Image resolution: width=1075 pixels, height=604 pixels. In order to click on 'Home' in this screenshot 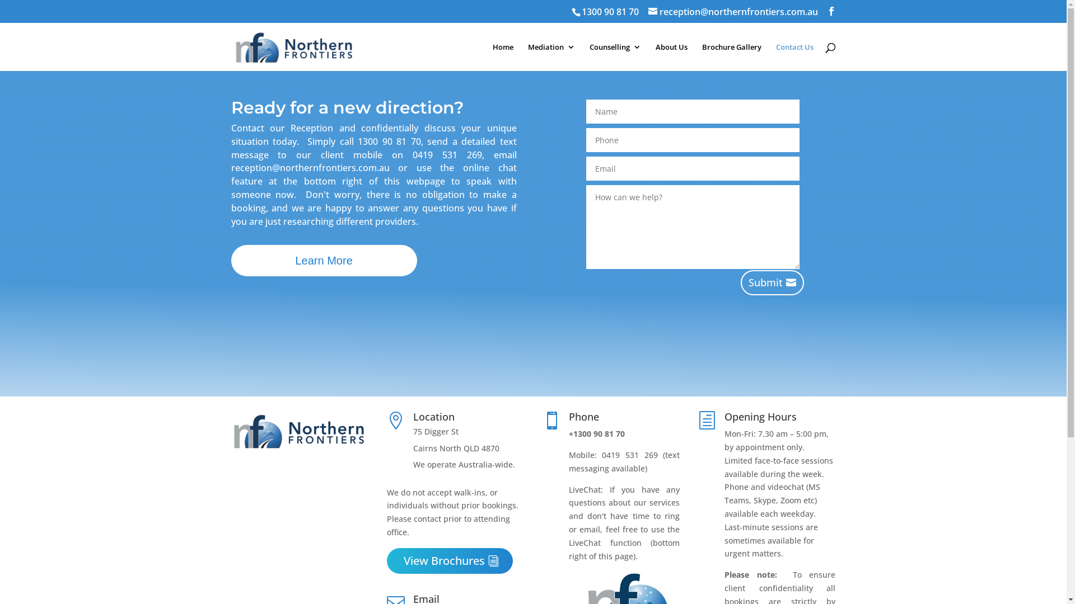, I will do `click(502, 56)`.